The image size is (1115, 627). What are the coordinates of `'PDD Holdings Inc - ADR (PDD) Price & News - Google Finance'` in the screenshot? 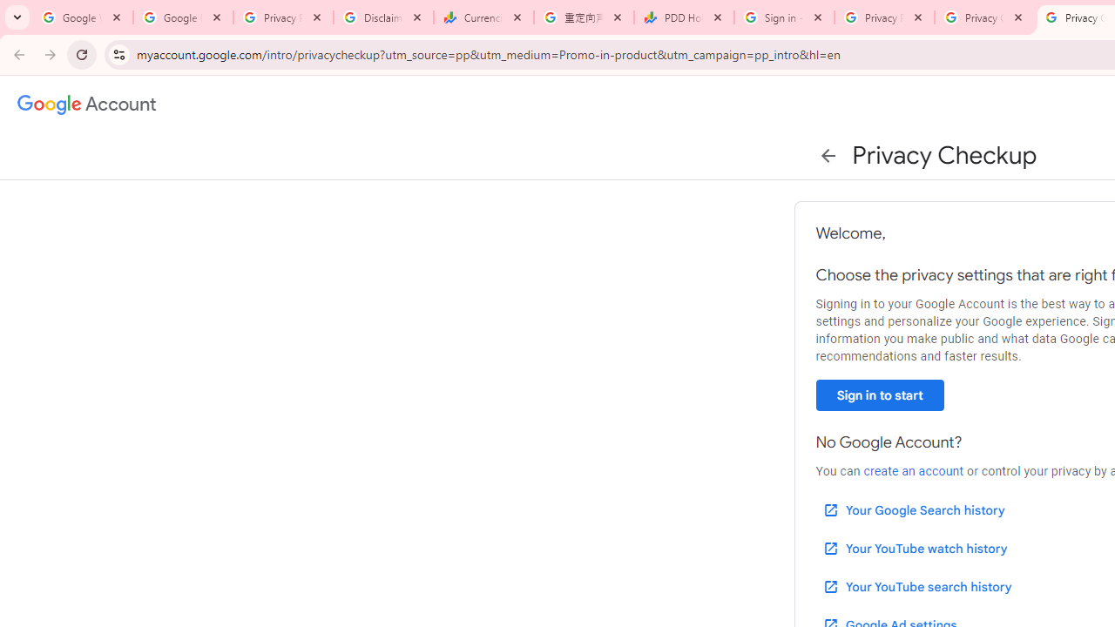 It's located at (683, 17).